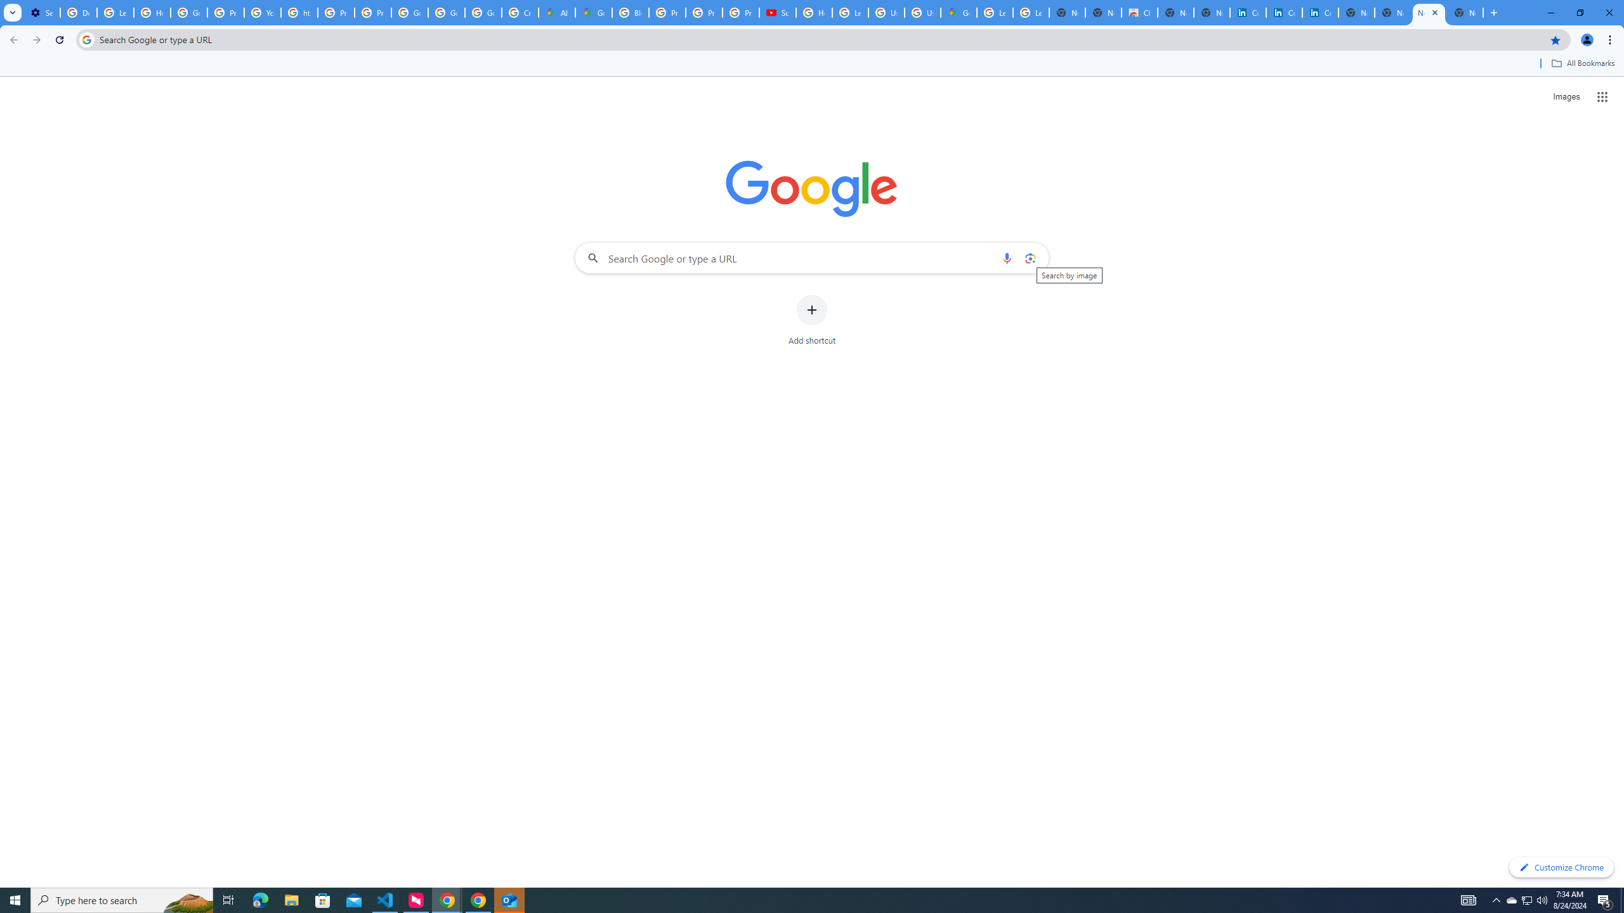 The height and width of the screenshot is (913, 1624). What do you see at coordinates (959, 12) in the screenshot?
I see `'Google Maps'` at bounding box center [959, 12].